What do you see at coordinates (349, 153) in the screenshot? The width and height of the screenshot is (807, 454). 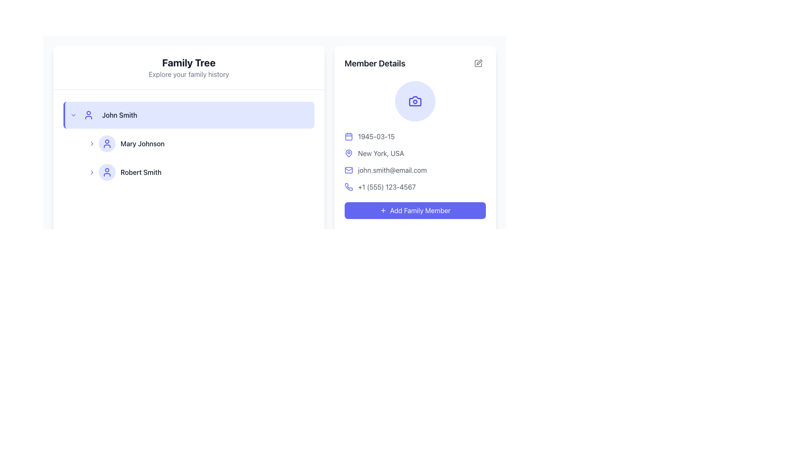 I see `the map pin icon located in the 'Member Details' panel, adjacent to the text 'New York, USA', following the date '1945-03-15'` at bounding box center [349, 153].